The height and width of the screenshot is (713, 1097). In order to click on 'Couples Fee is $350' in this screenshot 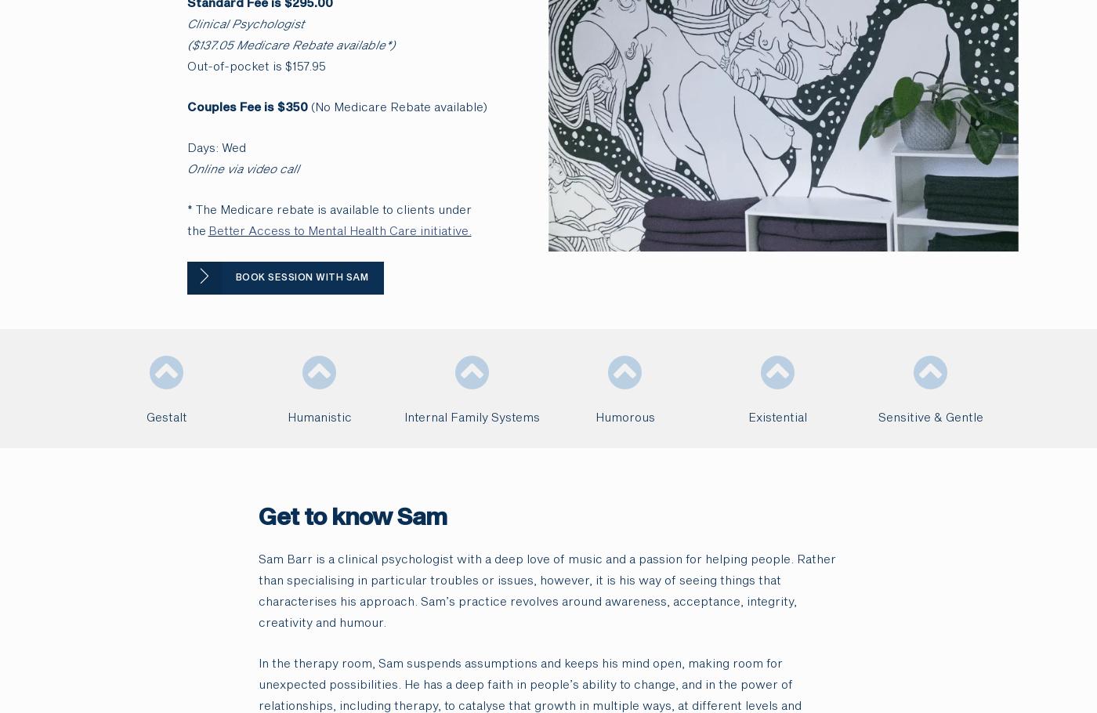, I will do `click(248, 107)`.